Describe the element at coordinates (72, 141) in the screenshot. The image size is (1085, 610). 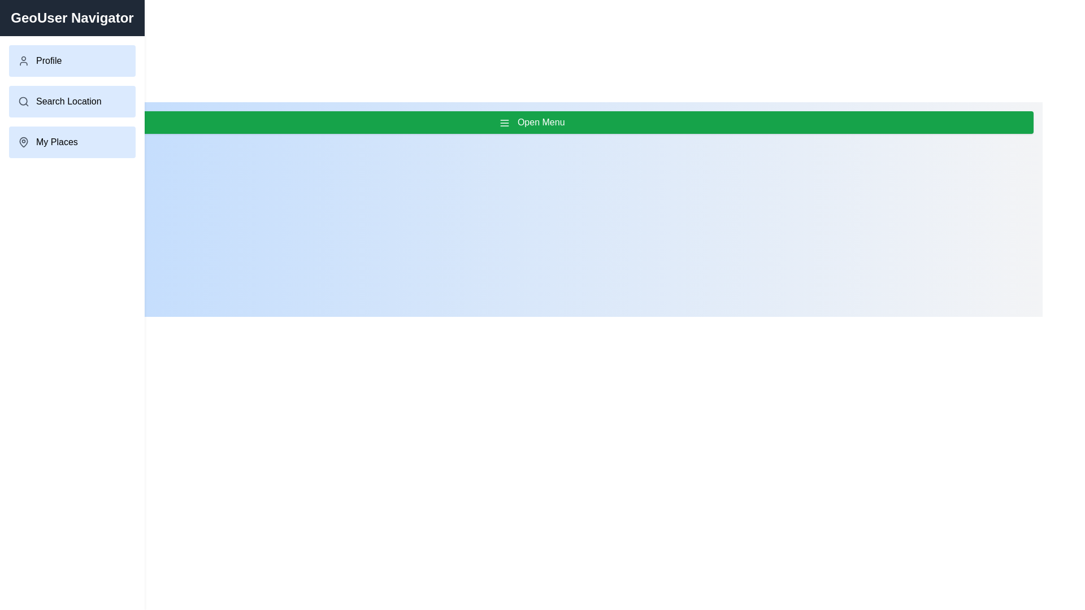
I see `the menu item My Places from the GeoUserDrawer` at that location.